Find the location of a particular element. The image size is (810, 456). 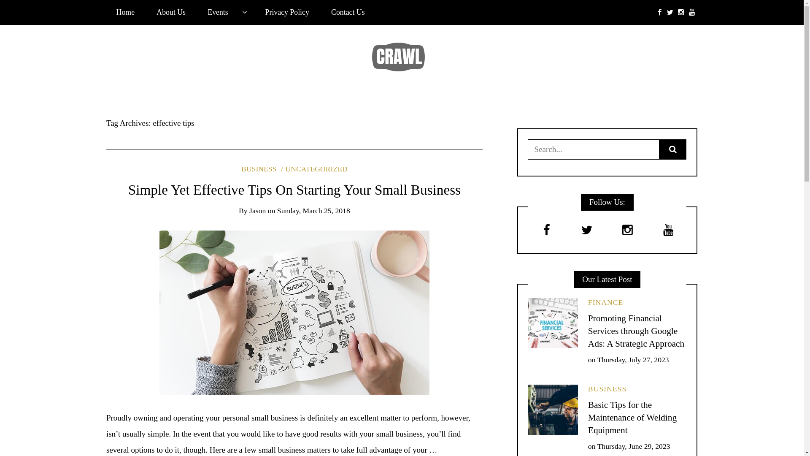

'Events' is located at coordinates (197, 12).